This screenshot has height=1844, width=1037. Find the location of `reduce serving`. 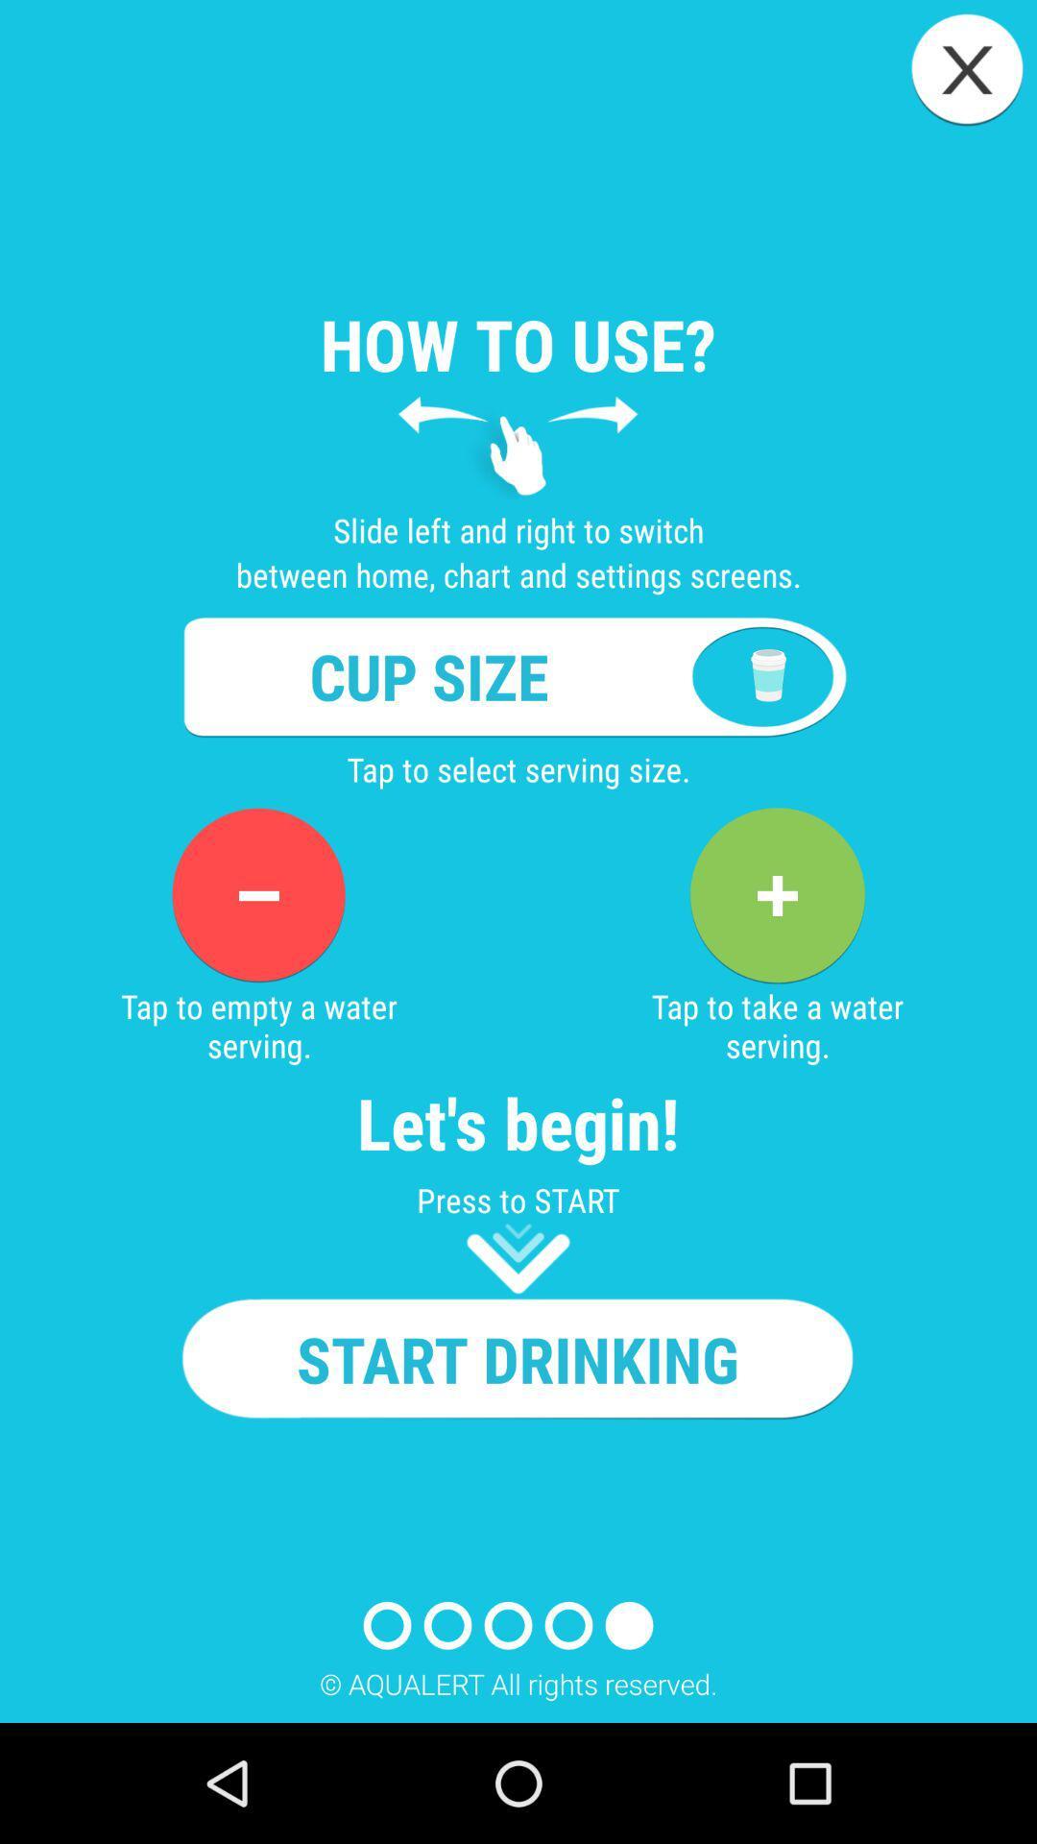

reduce serving is located at coordinates (257, 894).